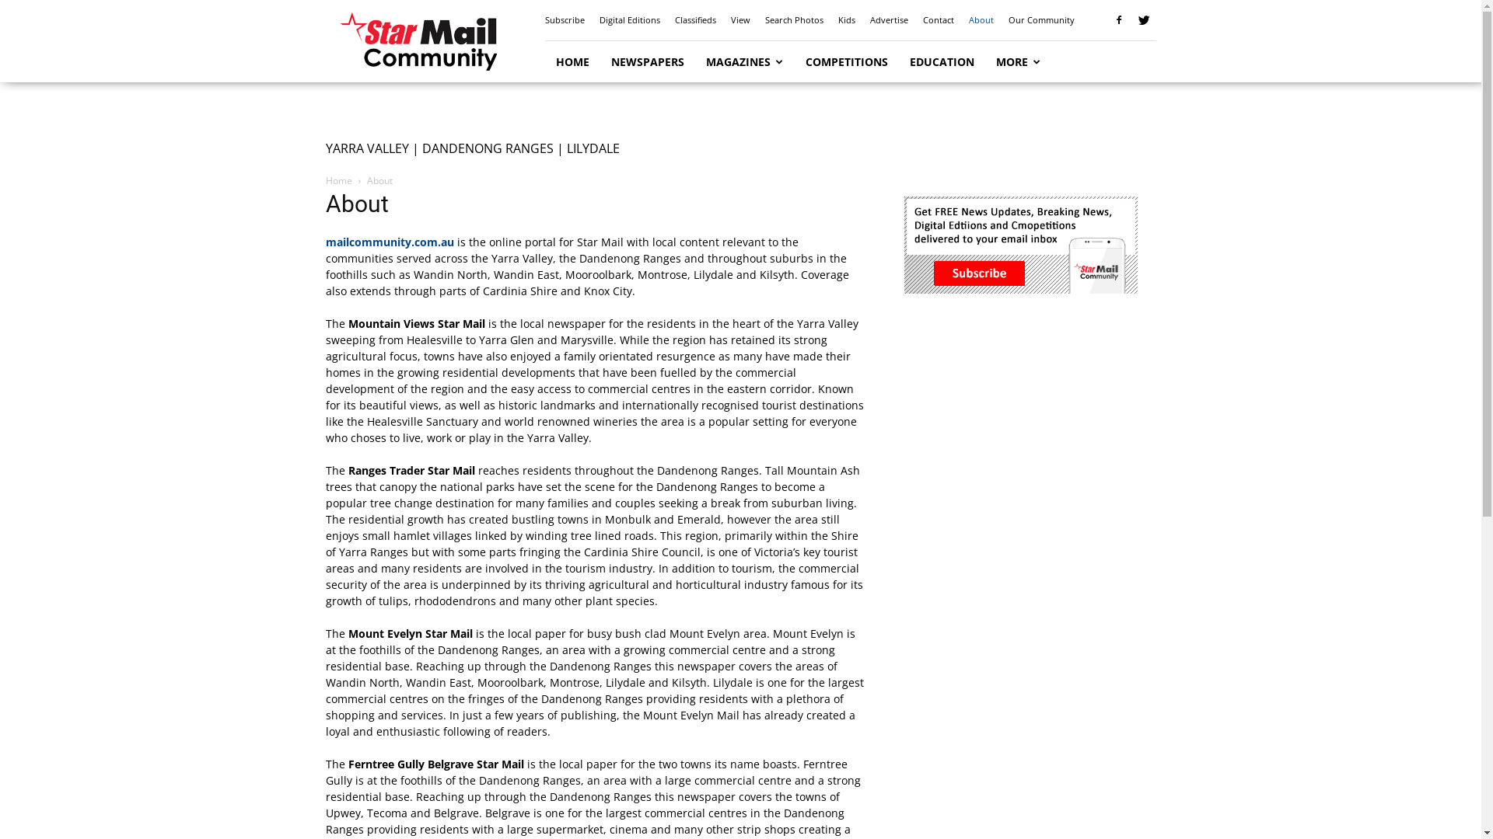 The image size is (1493, 839). What do you see at coordinates (389, 242) in the screenshot?
I see `'mailcommunity.com.au'` at bounding box center [389, 242].